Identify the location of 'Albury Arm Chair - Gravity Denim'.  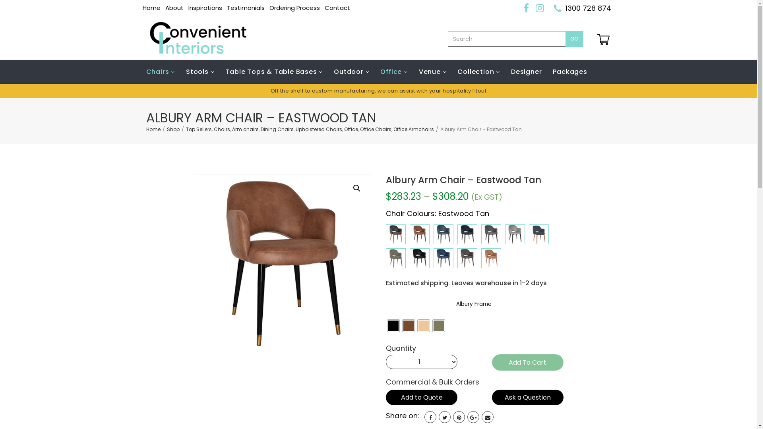
(443, 234).